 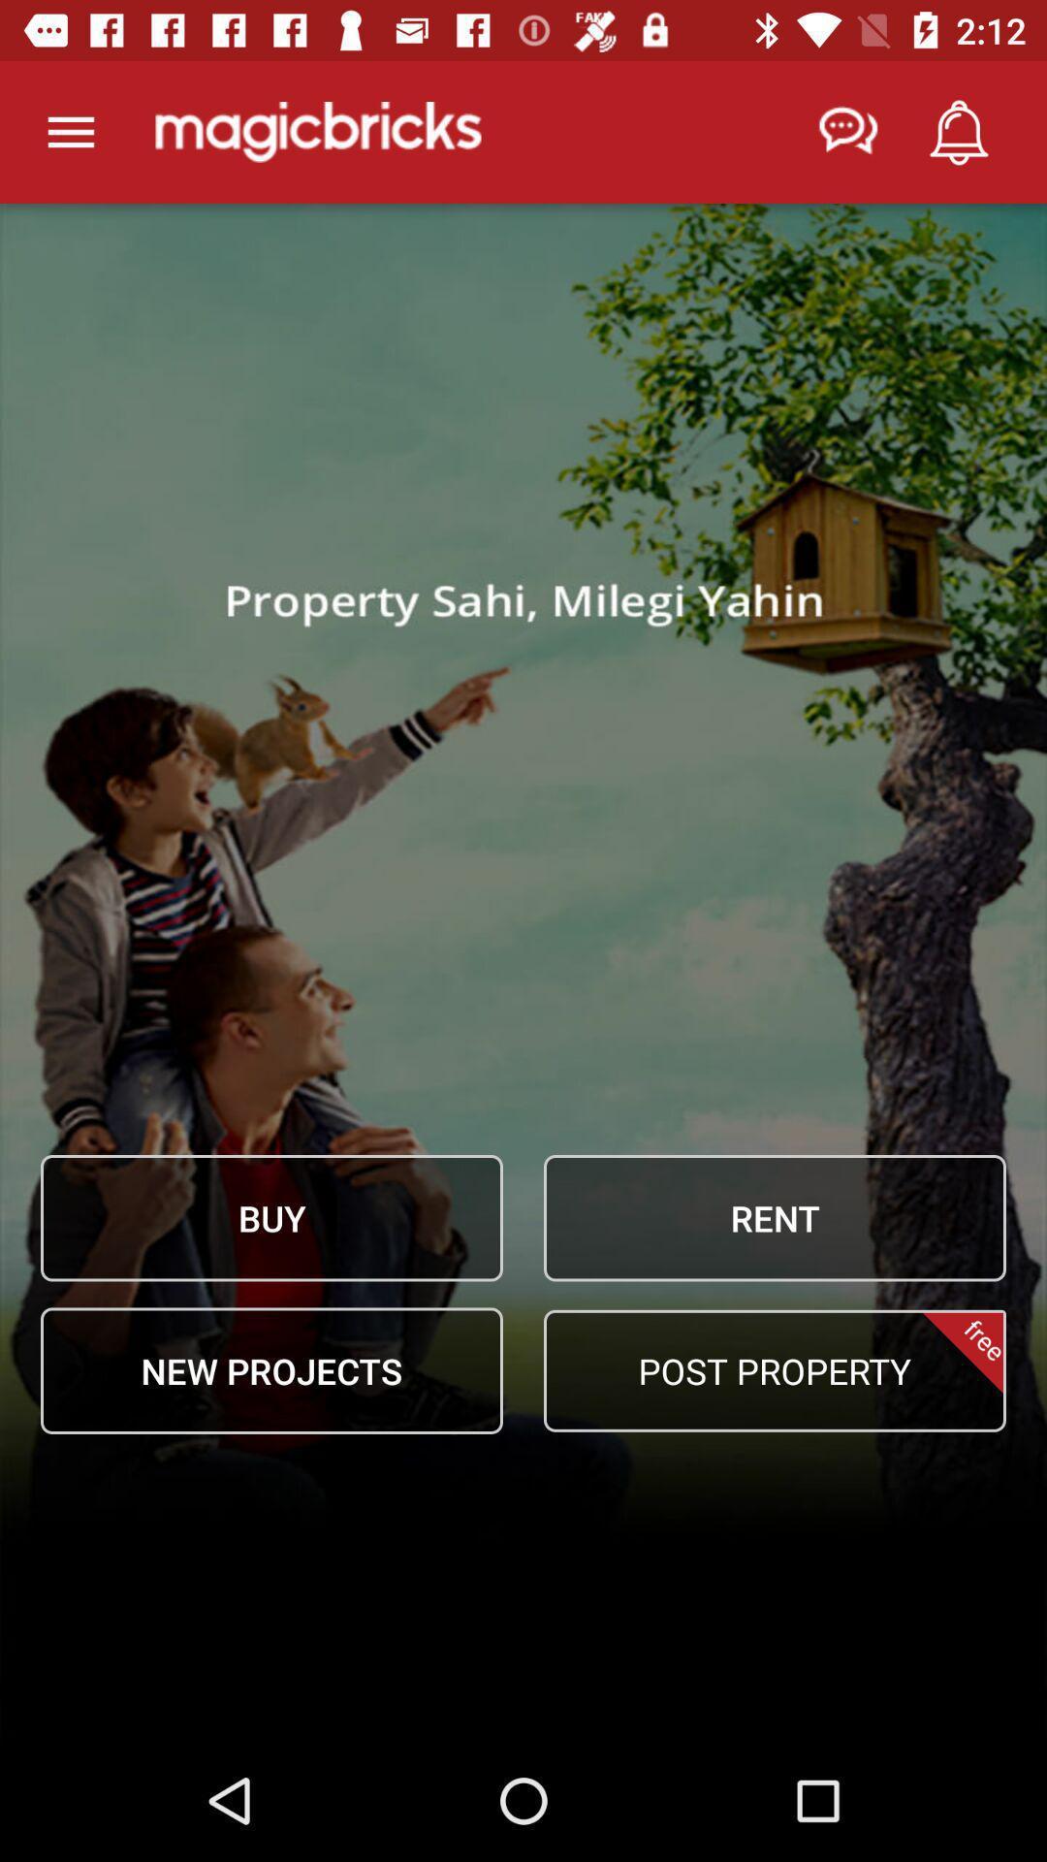 I want to click on the item above new projects, so click(x=271, y=1217).